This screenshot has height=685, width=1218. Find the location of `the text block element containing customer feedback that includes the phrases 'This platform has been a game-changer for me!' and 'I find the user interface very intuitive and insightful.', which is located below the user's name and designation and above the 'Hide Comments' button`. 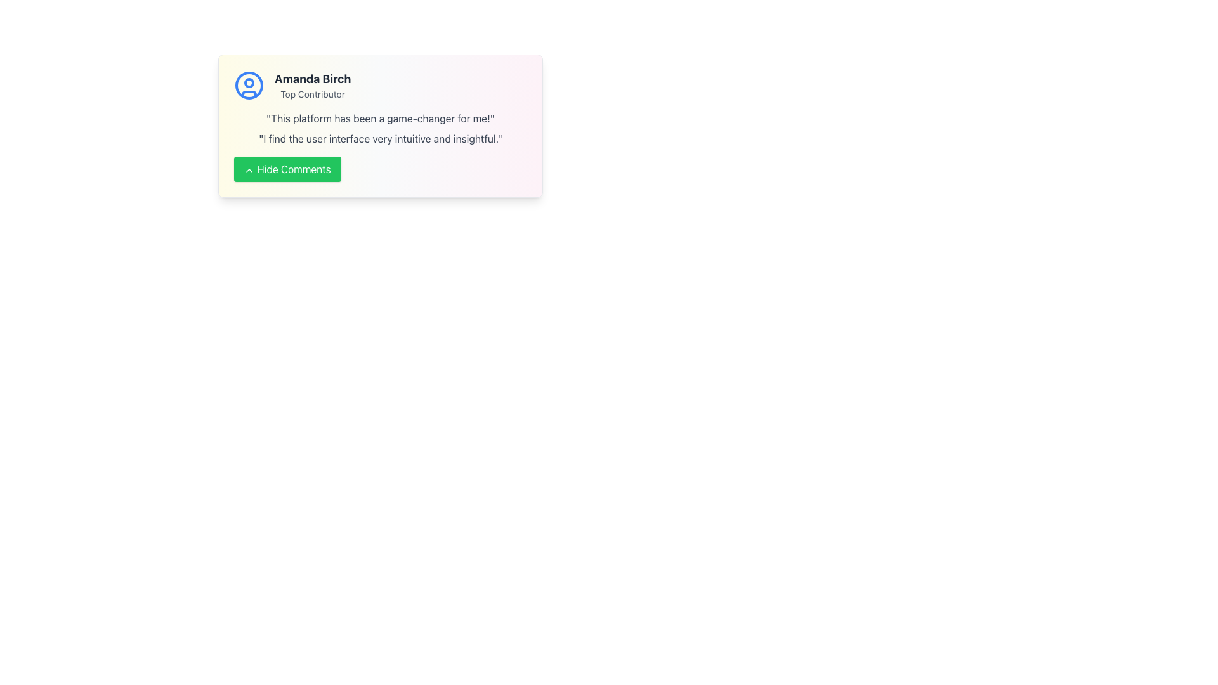

the text block element containing customer feedback that includes the phrases 'This platform has been a game-changer for me!' and 'I find the user interface very intuitive and insightful.', which is located below the user's name and designation and above the 'Hide Comments' button is located at coordinates (380, 129).